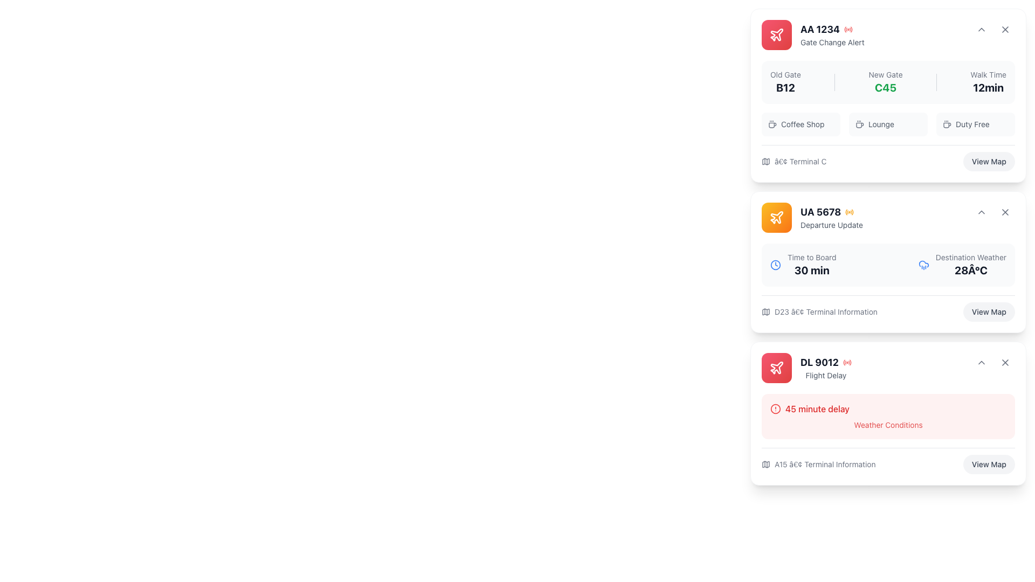 The width and height of the screenshot is (1035, 582). Describe the element at coordinates (765, 463) in the screenshot. I see `the dark gray SVG map icon located to the left of the text label 'A15 • Terminal Information' for additional terminal information` at that location.